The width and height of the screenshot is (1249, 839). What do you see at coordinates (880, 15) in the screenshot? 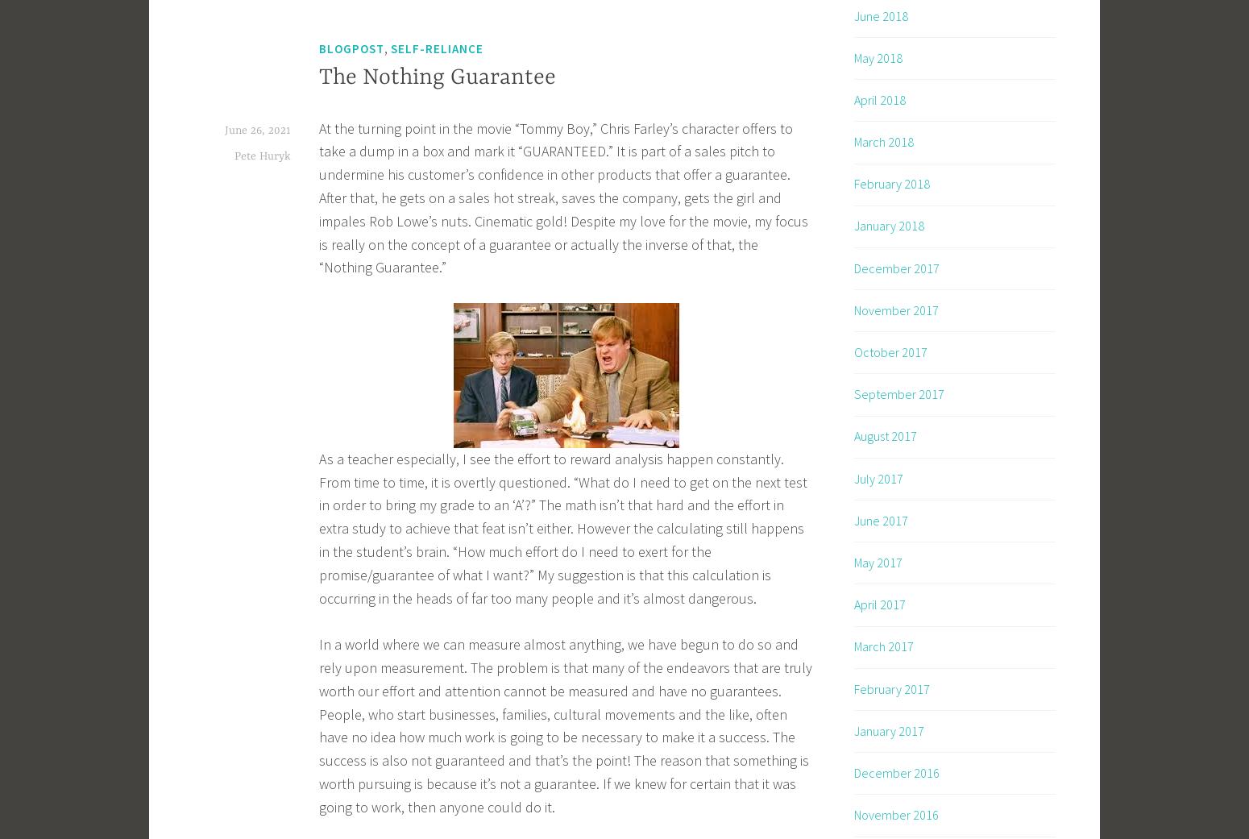
I see `'June 2018'` at bounding box center [880, 15].